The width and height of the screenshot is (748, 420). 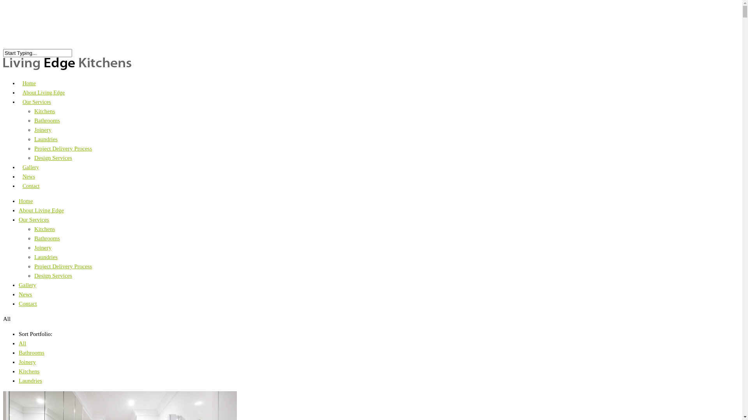 What do you see at coordinates (22, 343) in the screenshot?
I see `'All'` at bounding box center [22, 343].